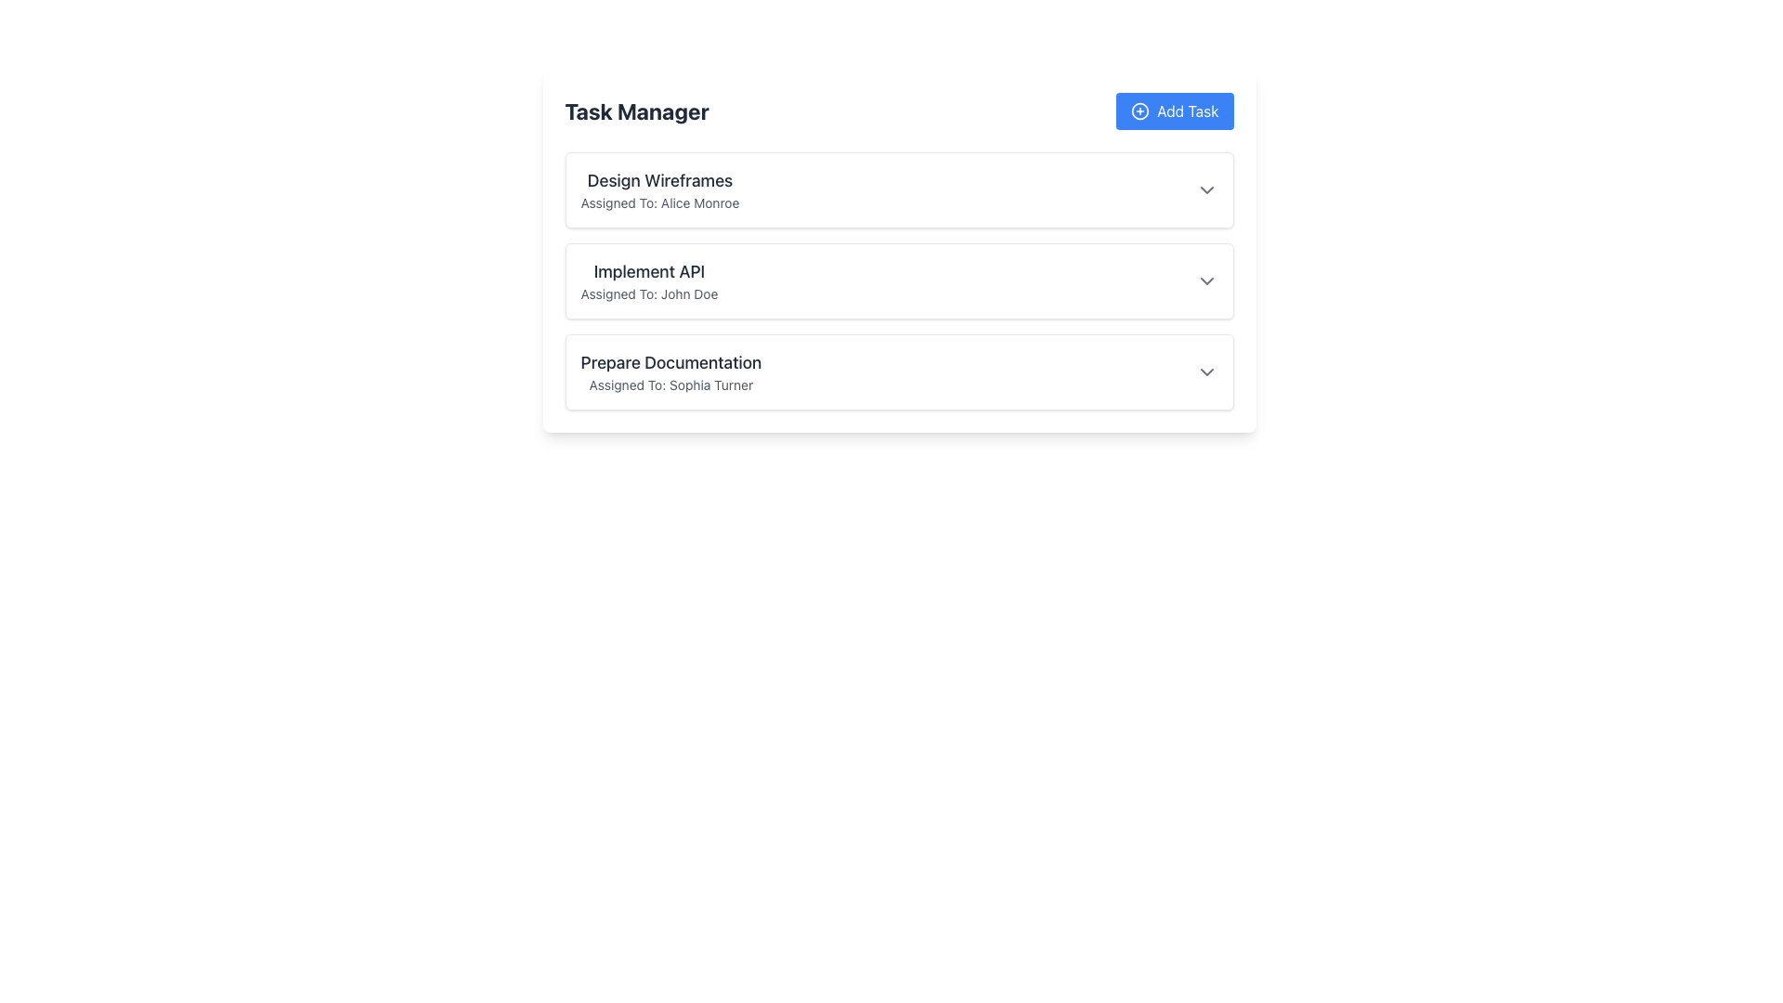  What do you see at coordinates (1206, 189) in the screenshot?
I see `the downward chevron-shaped icon button associated with the 'Design Wireframes' task entry` at bounding box center [1206, 189].